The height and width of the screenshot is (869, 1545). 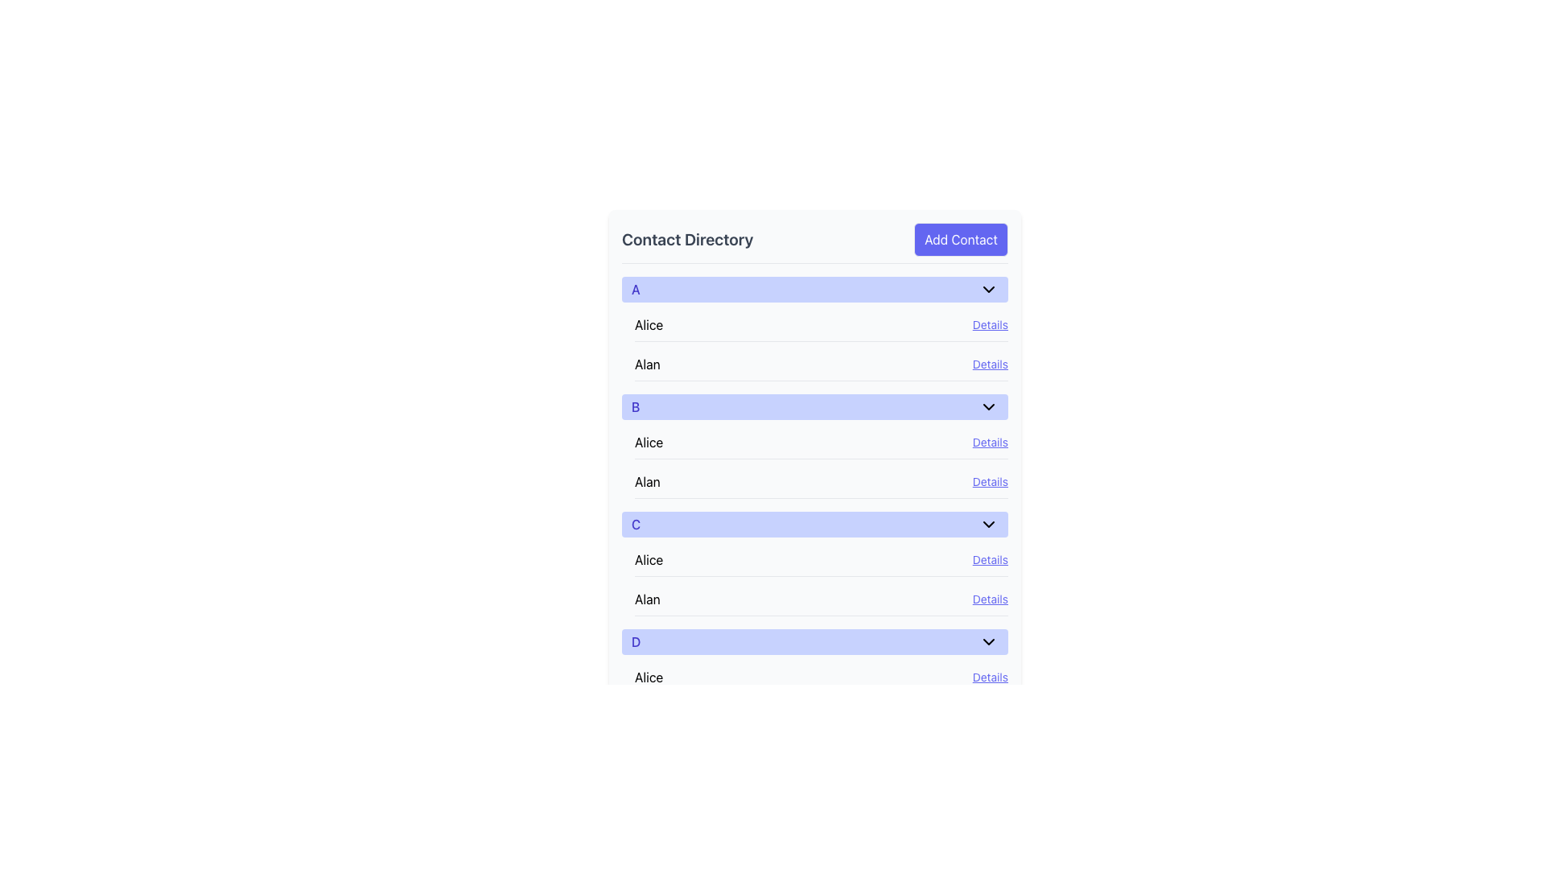 What do you see at coordinates (987, 288) in the screenshot?
I see `the chevron icon button located at the far right of the row header labeled 'A'` at bounding box center [987, 288].